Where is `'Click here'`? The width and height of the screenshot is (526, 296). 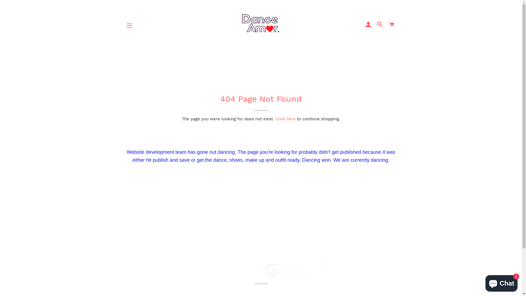 'Click here' is located at coordinates (275, 119).